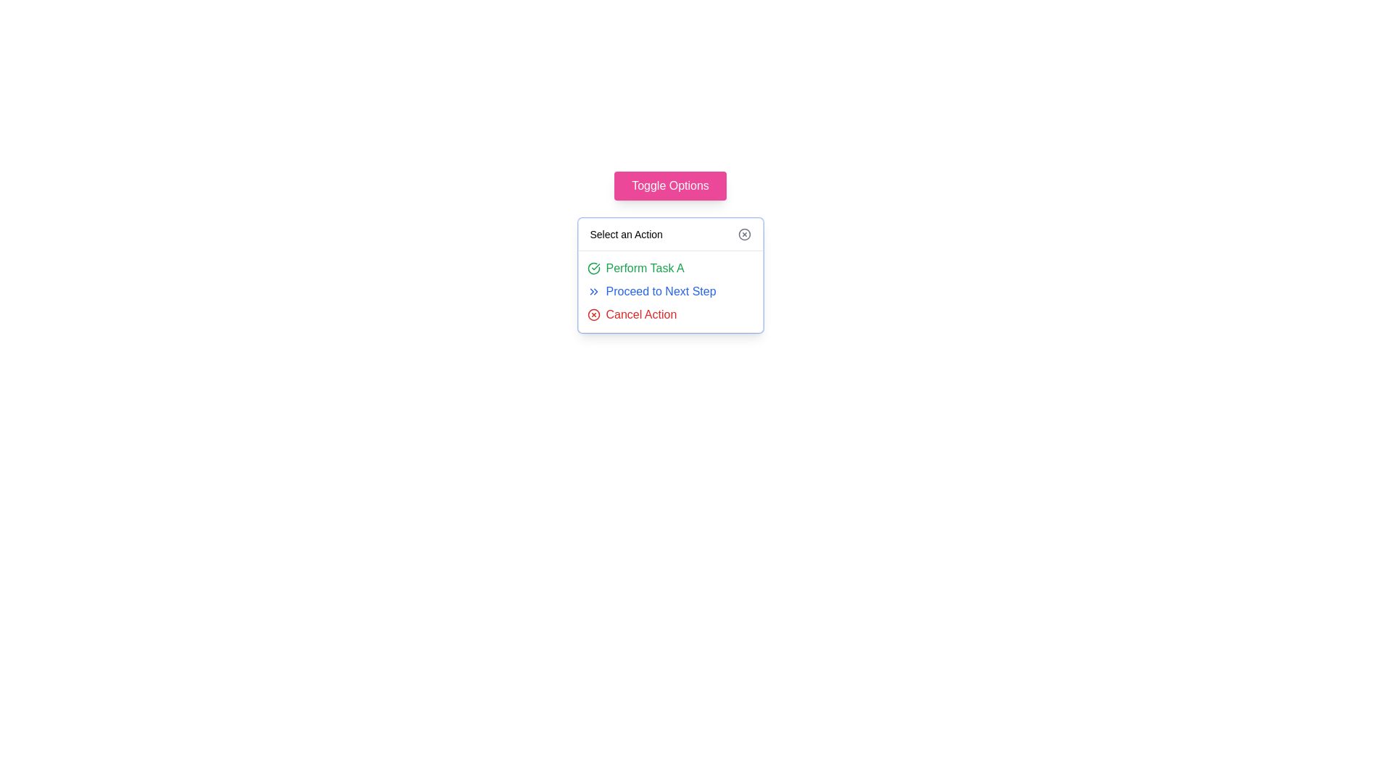 This screenshot has height=782, width=1391. I want to click on the bright pink 'Toggle Options' button with white text, so click(669, 185).